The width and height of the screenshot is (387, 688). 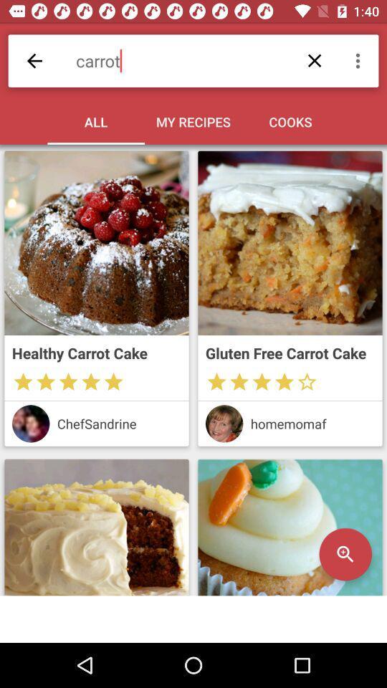 What do you see at coordinates (312, 424) in the screenshot?
I see `homemomaf icon` at bounding box center [312, 424].